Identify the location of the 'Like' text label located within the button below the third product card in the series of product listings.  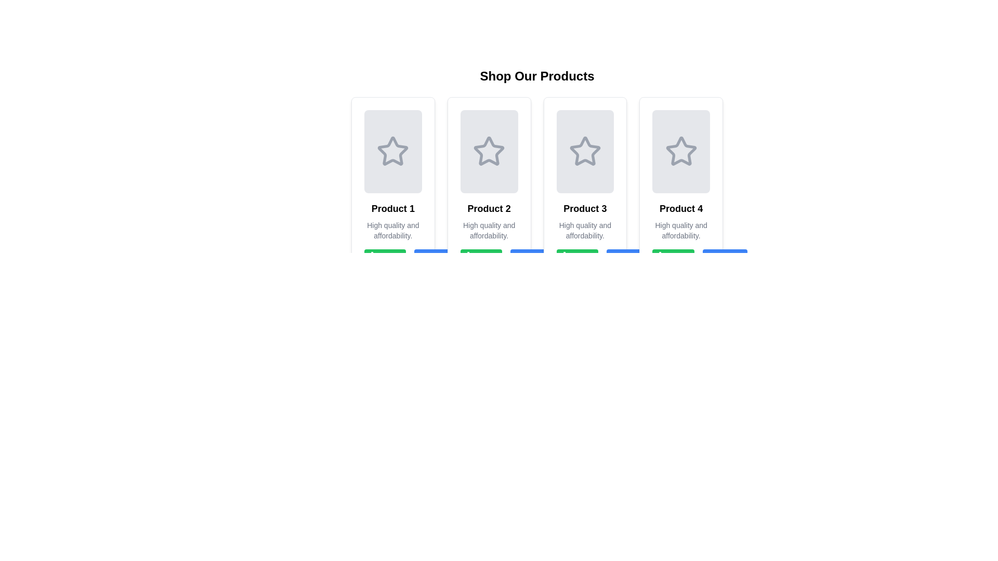
(592, 257).